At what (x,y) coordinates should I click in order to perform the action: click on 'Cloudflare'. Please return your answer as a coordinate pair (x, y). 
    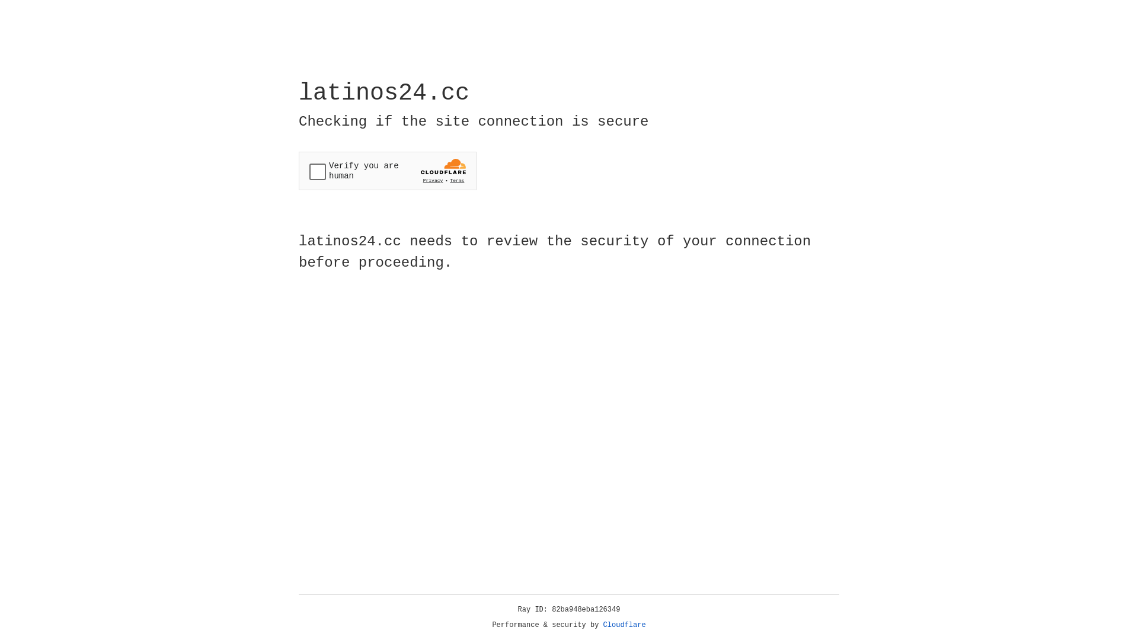
    Looking at the image, I should click on (624, 625).